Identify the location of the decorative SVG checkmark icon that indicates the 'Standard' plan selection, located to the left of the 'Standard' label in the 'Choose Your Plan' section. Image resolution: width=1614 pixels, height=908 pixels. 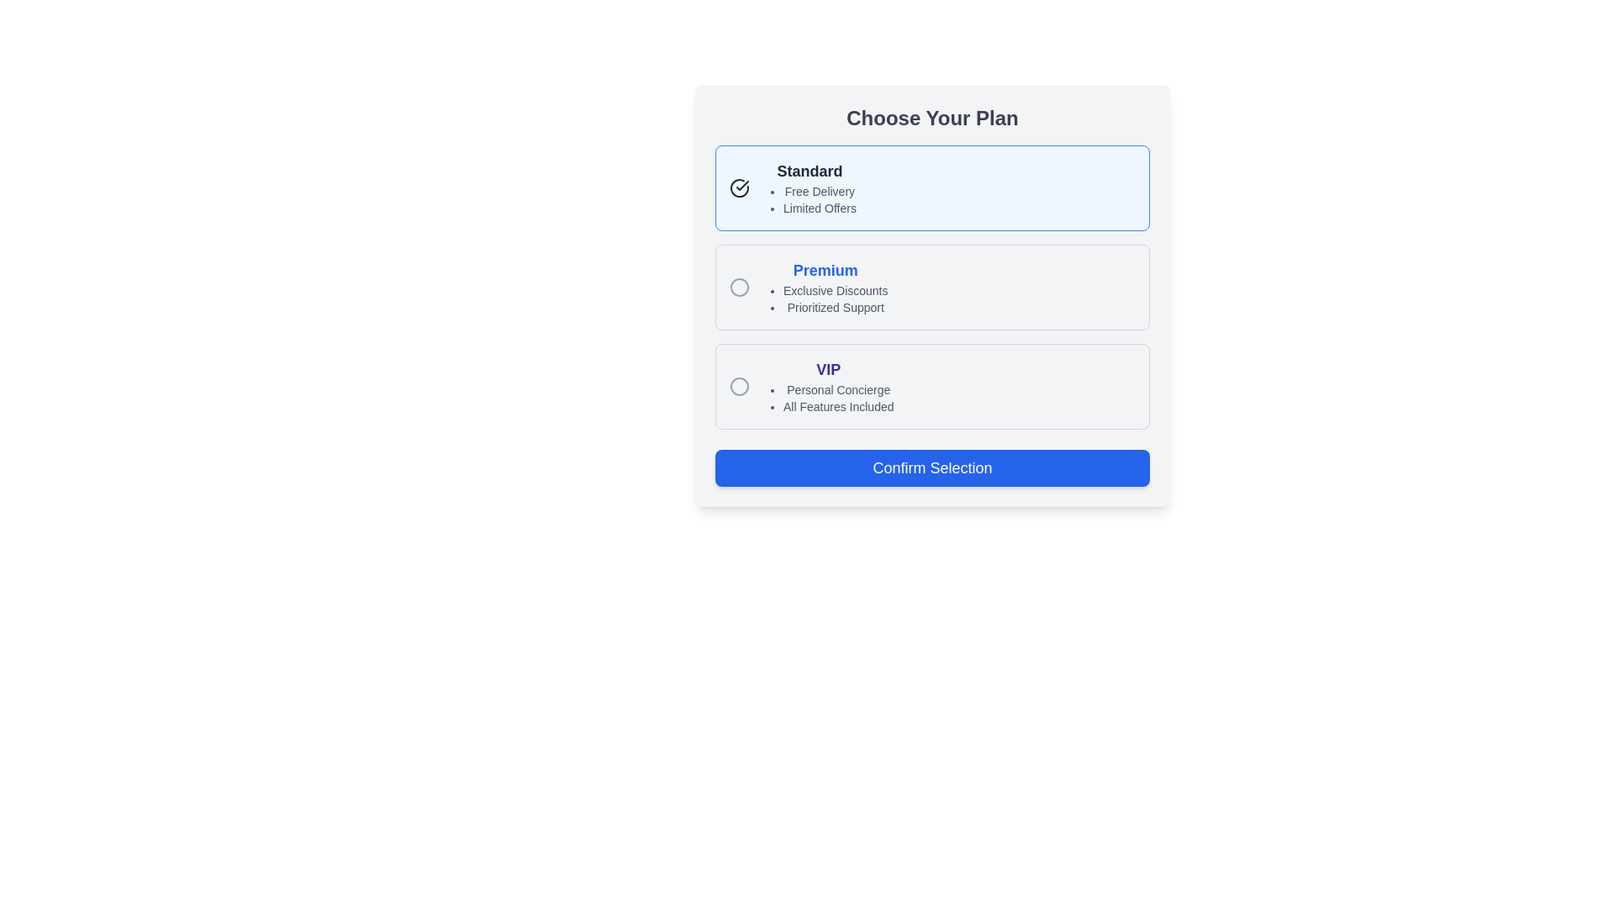
(741, 185).